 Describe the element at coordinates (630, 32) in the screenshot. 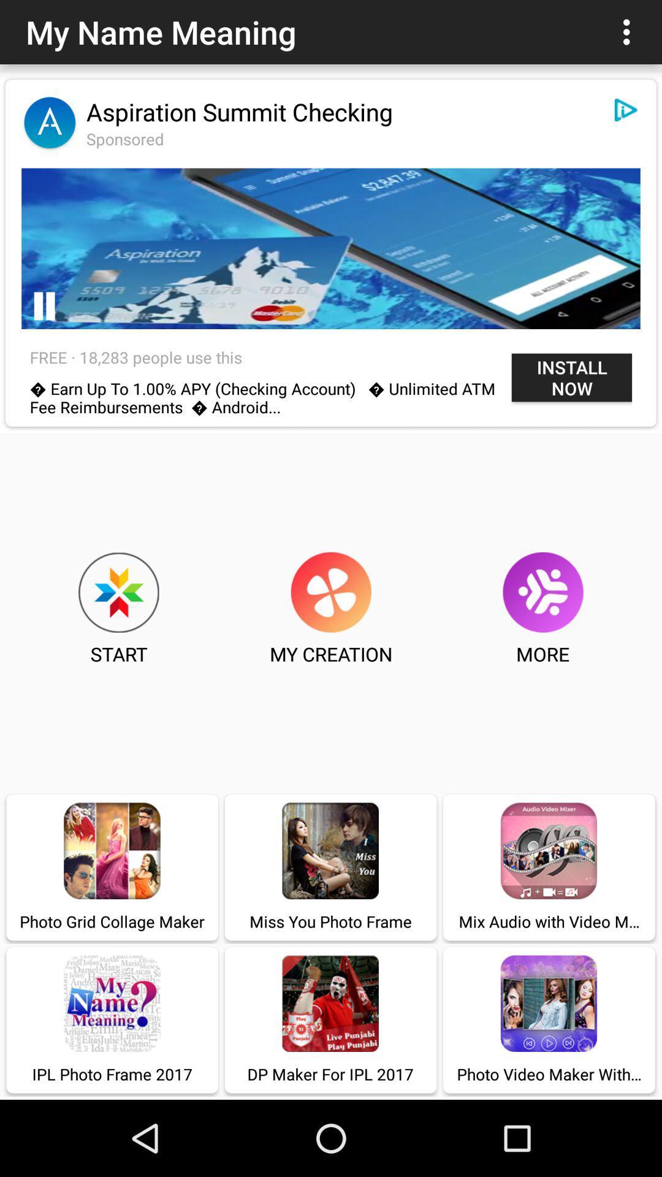

I see `the app next to my name meaning` at that location.